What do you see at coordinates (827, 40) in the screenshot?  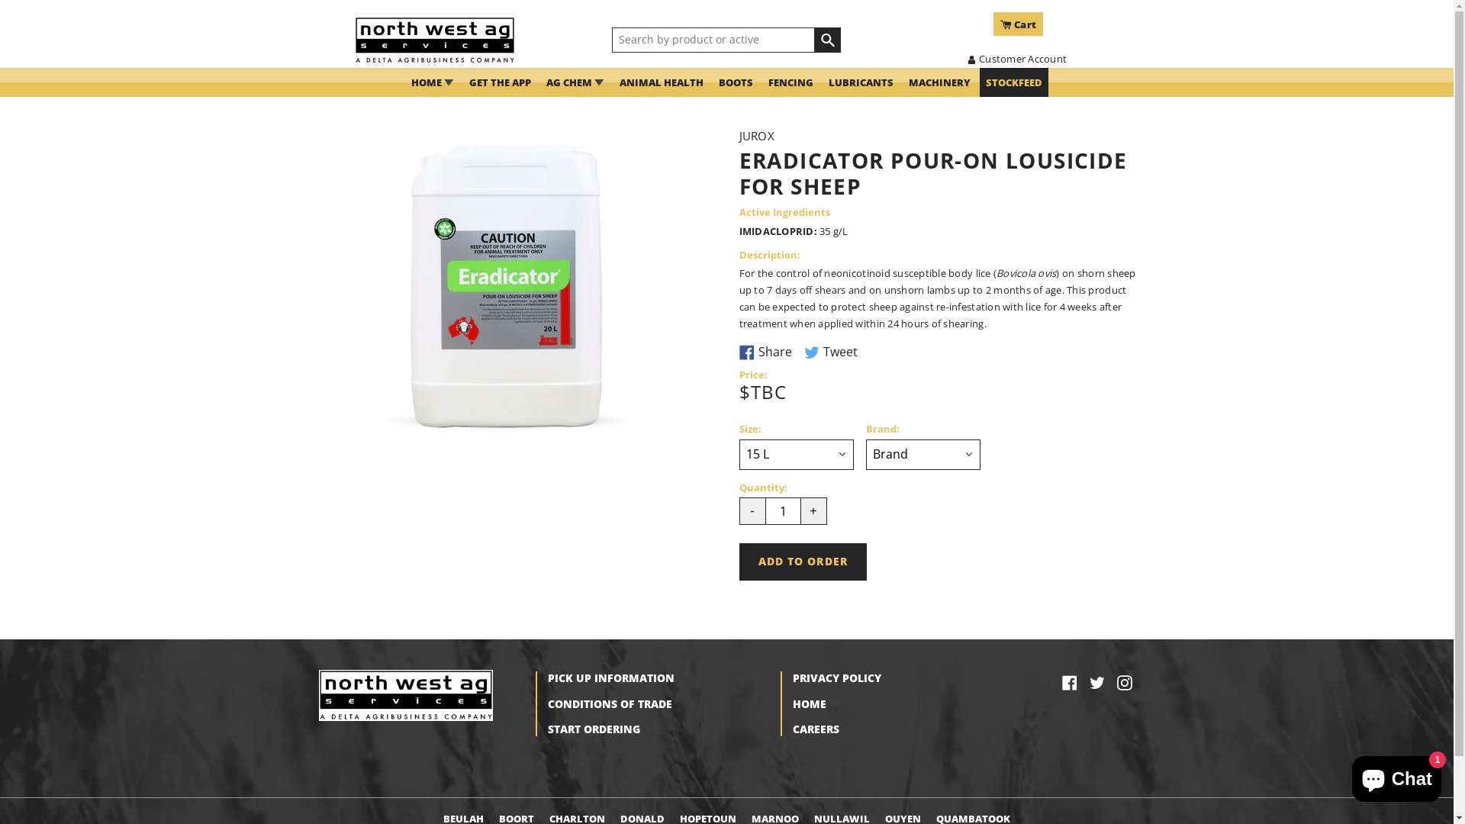 I see `'SEARCH'` at bounding box center [827, 40].